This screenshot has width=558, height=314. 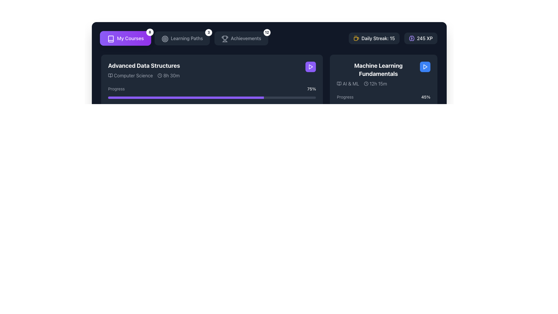 What do you see at coordinates (350, 84) in the screenshot?
I see `the text label displaying 'AI & ML', which is styled in light gray on a dark background, located within the 'Machine Learning Fundamentals' card` at bounding box center [350, 84].